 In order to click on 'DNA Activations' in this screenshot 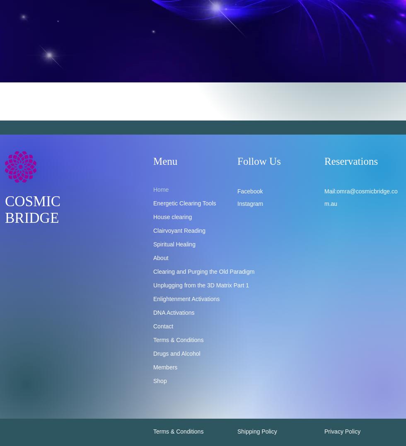, I will do `click(153, 312)`.